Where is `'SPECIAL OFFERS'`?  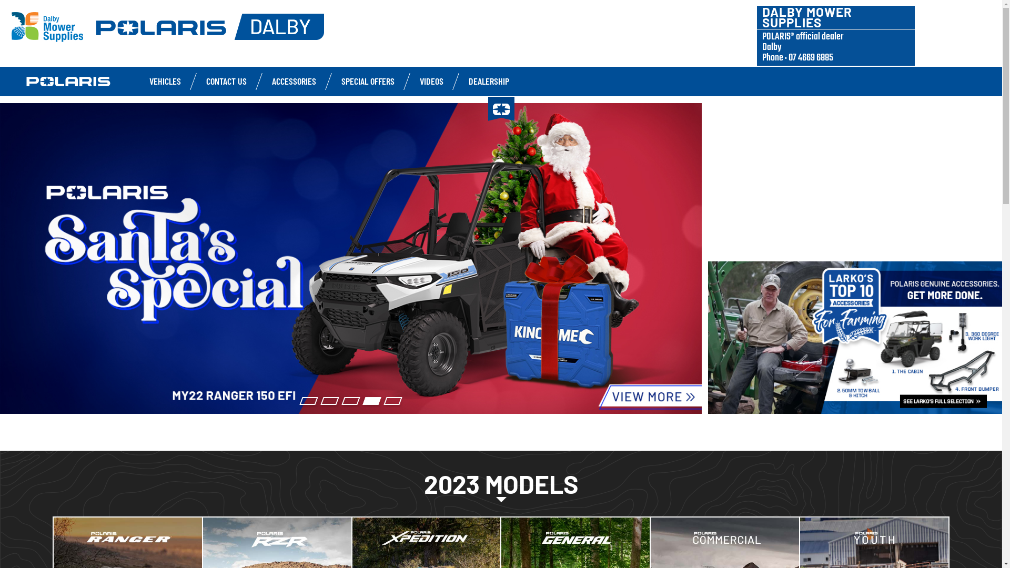 'SPECIAL OFFERS' is located at coordinates (341, 80).